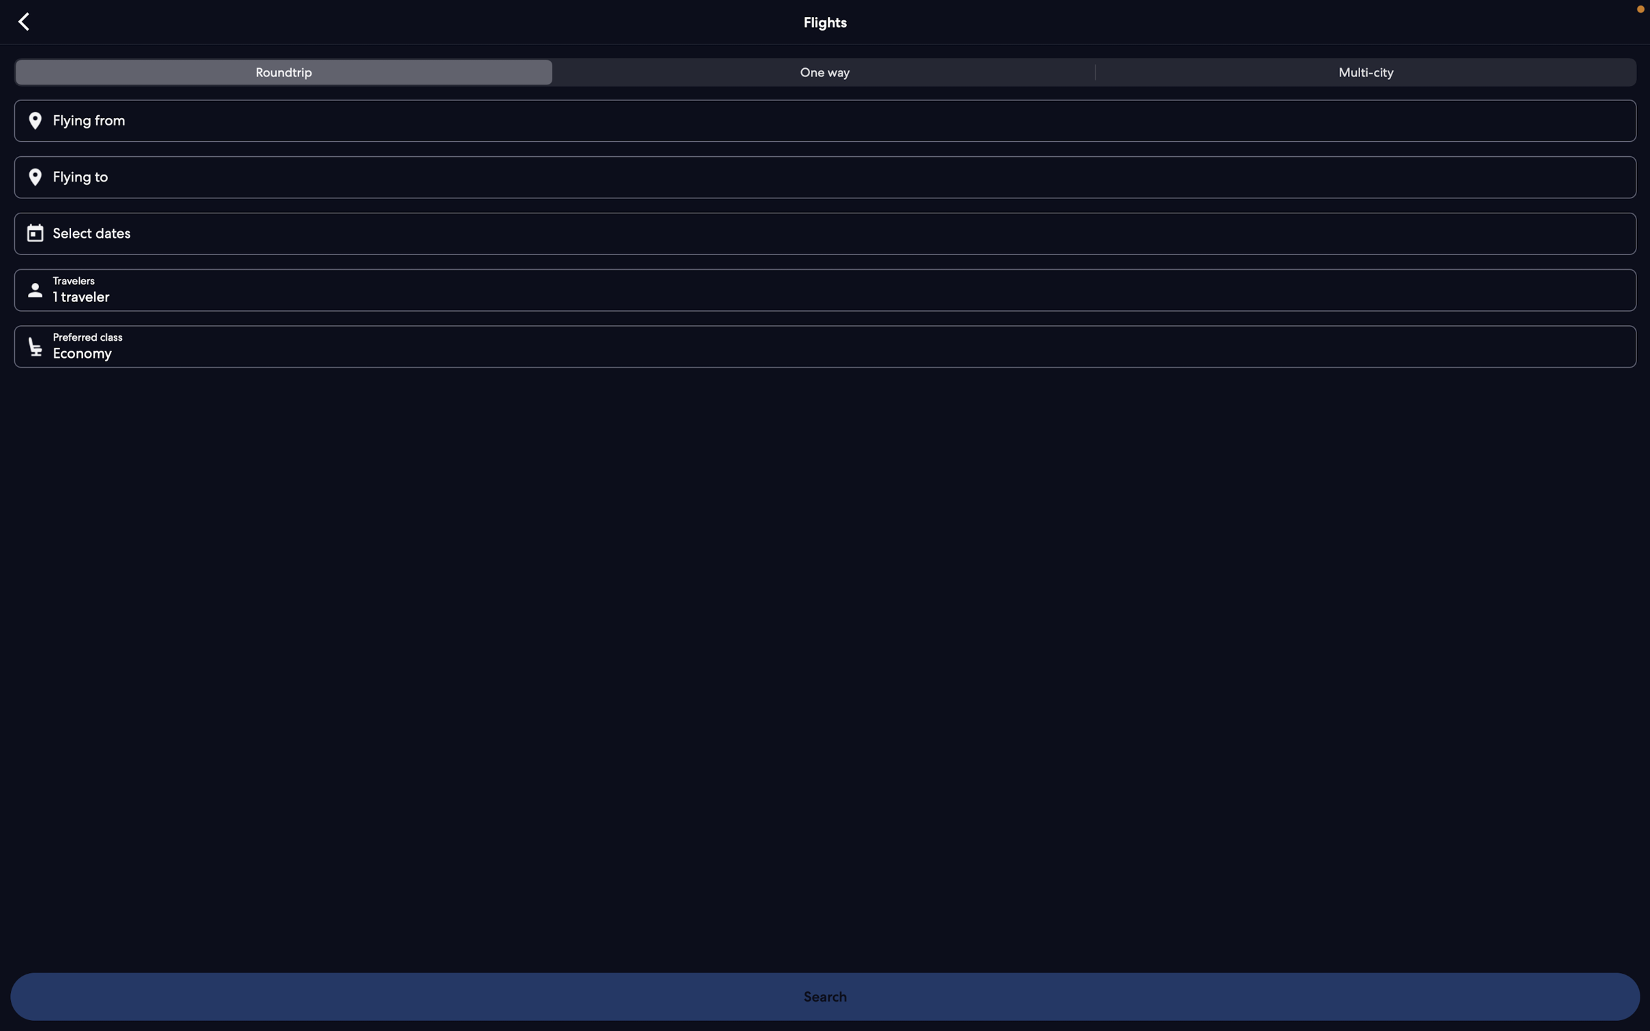  I want to click on the roundtrip flight tab, so click(285, 73).